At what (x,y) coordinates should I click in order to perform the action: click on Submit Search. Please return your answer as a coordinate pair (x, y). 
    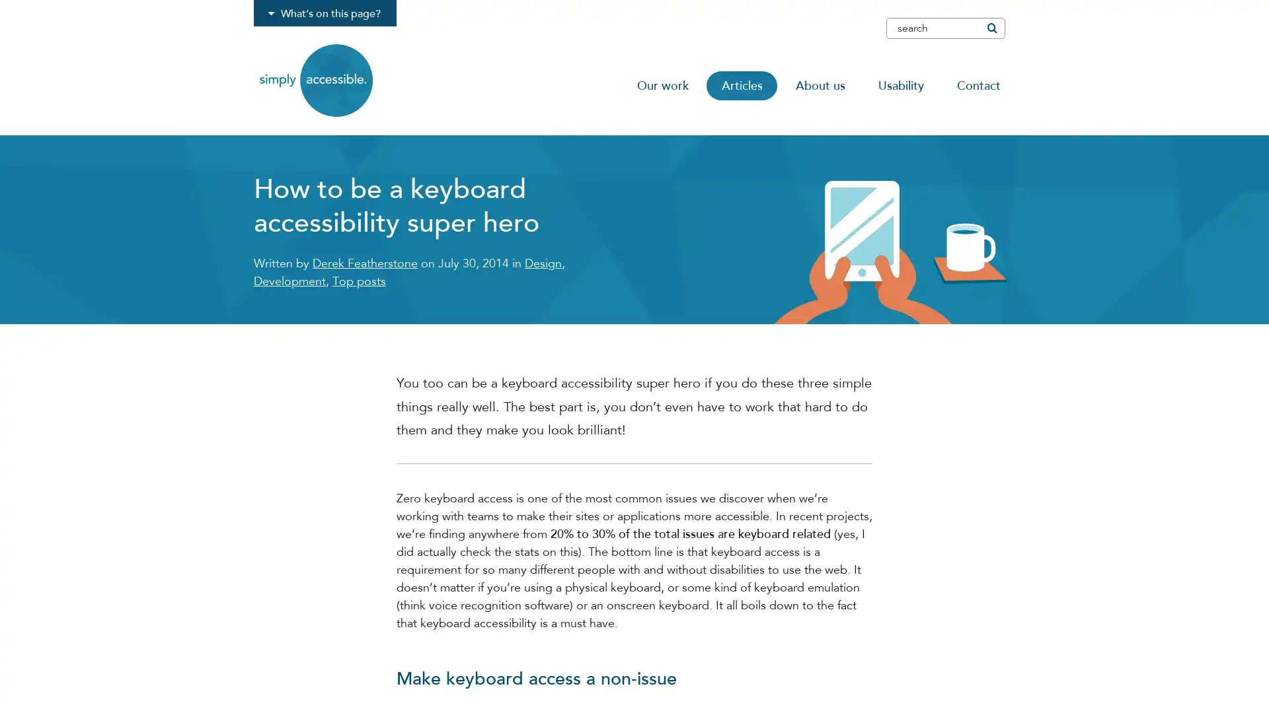
    Looking at the image, I should click on (991, 28).